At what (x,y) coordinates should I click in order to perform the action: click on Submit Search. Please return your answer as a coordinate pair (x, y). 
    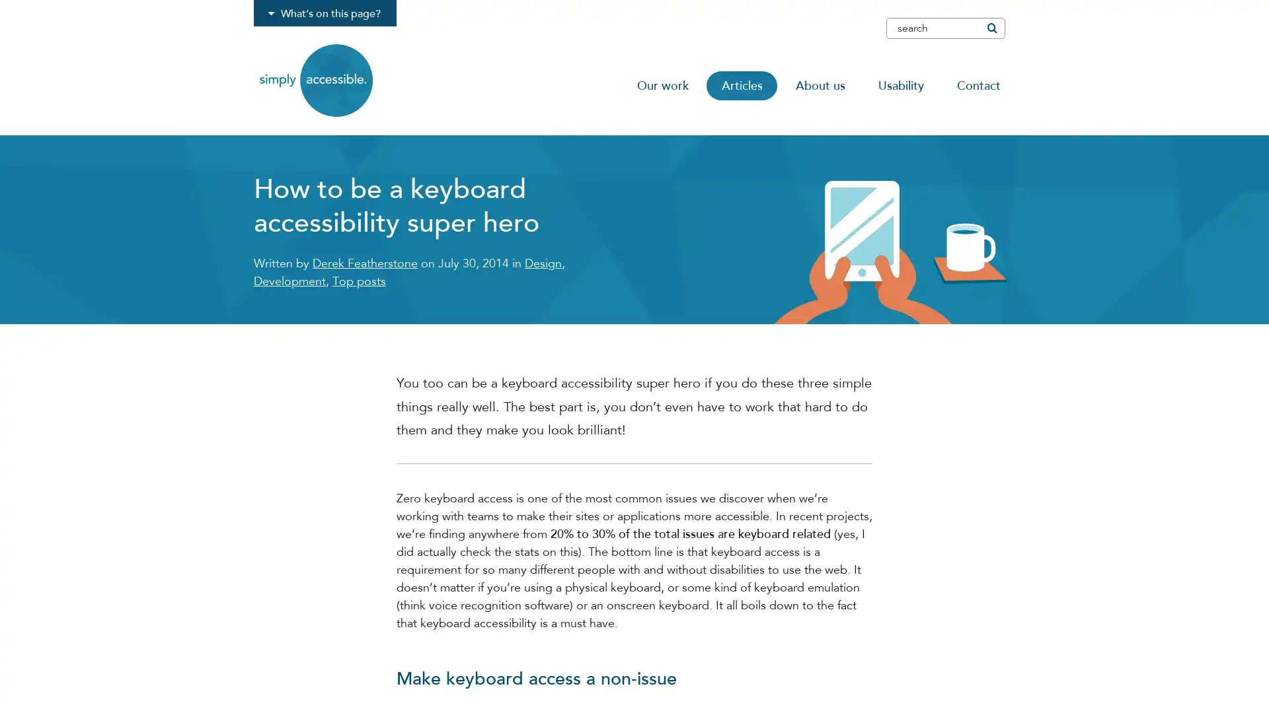
    Looking at the image, I should click on (991, 28).